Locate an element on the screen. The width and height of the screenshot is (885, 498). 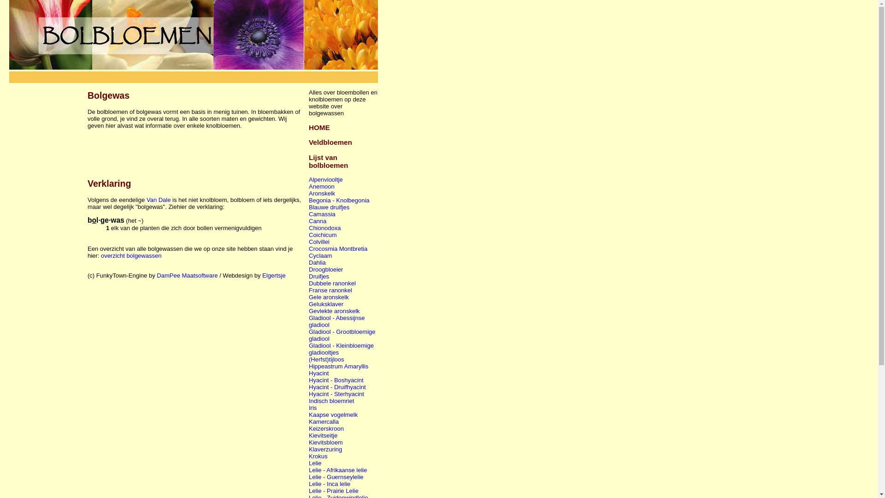
'Lelie - Afrikaanse lelie' is located at coordinates (309, 470).